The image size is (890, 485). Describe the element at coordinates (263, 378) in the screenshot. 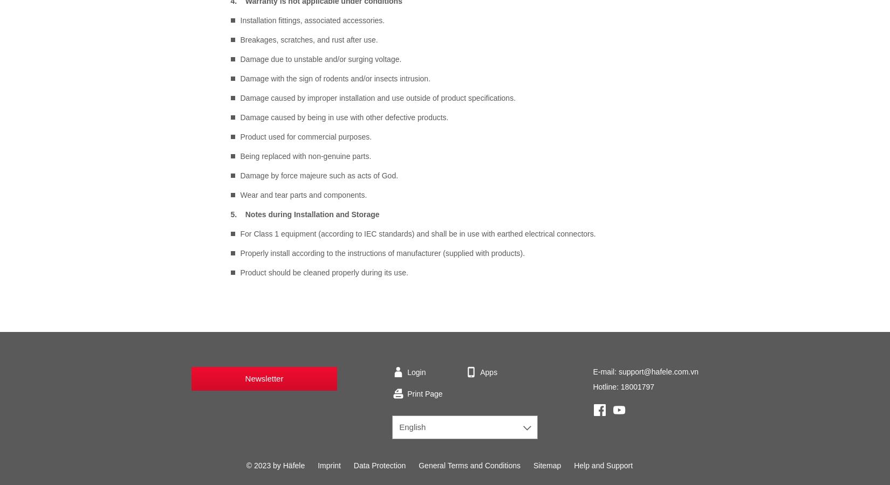

I see `'Newsletter'` at that location.